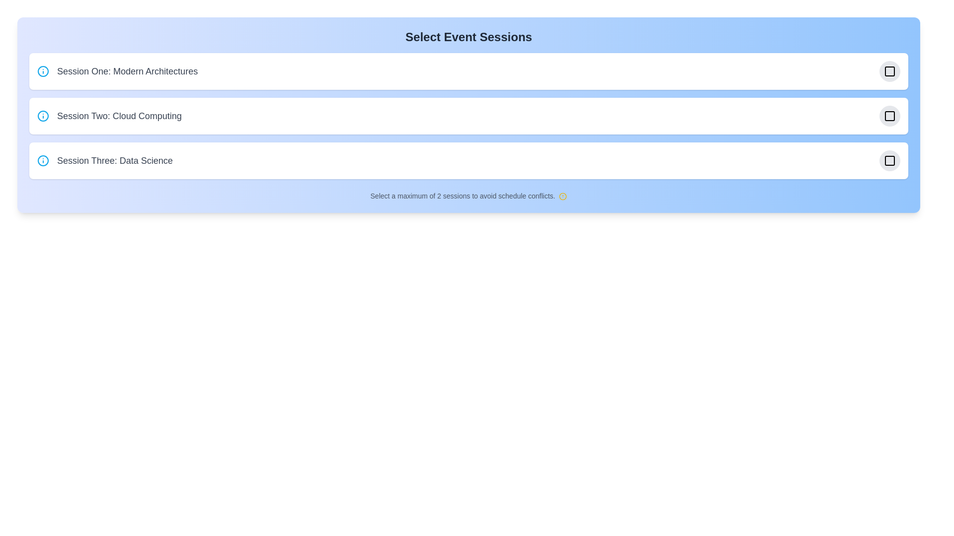 The width and height of the screenshot is (954, 536). I want to click on the informational icon for Session Two: Cloud Computing to reveal its tooltip, so click(42, 116).